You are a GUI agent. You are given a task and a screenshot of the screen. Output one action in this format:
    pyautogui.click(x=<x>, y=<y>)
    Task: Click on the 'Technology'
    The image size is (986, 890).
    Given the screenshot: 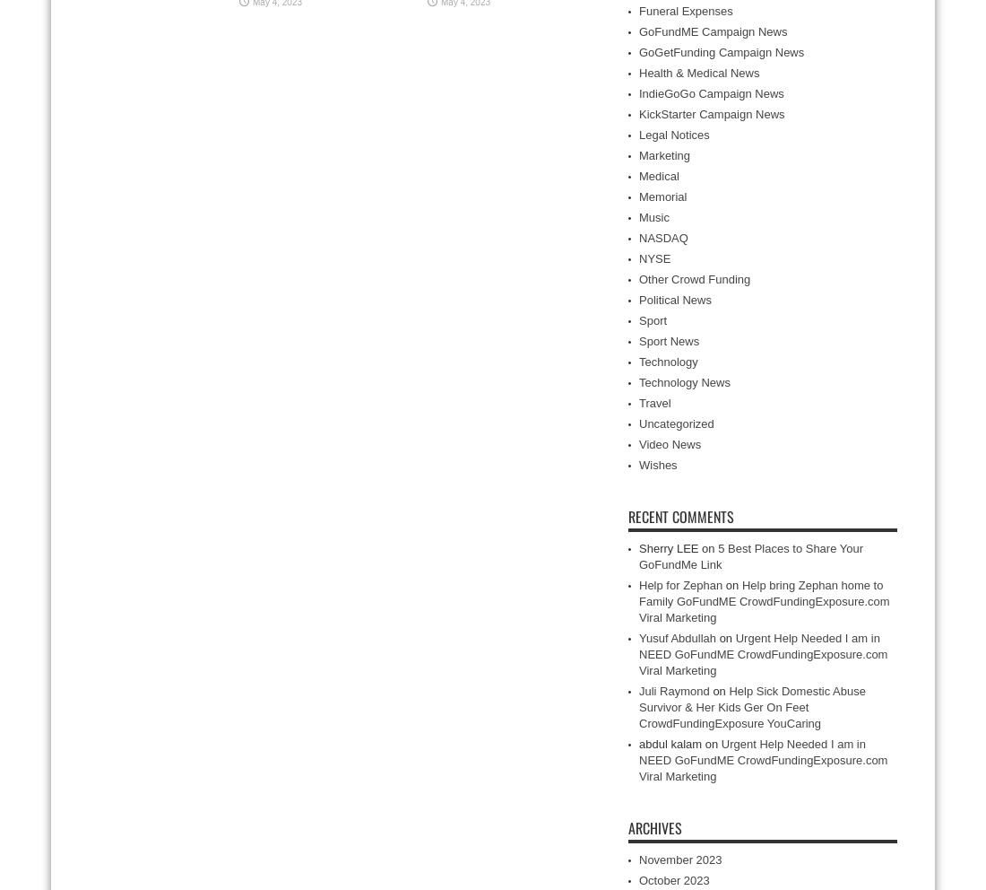 What is the action you would take?
    pyautogui.click(x=667, y=362)
    